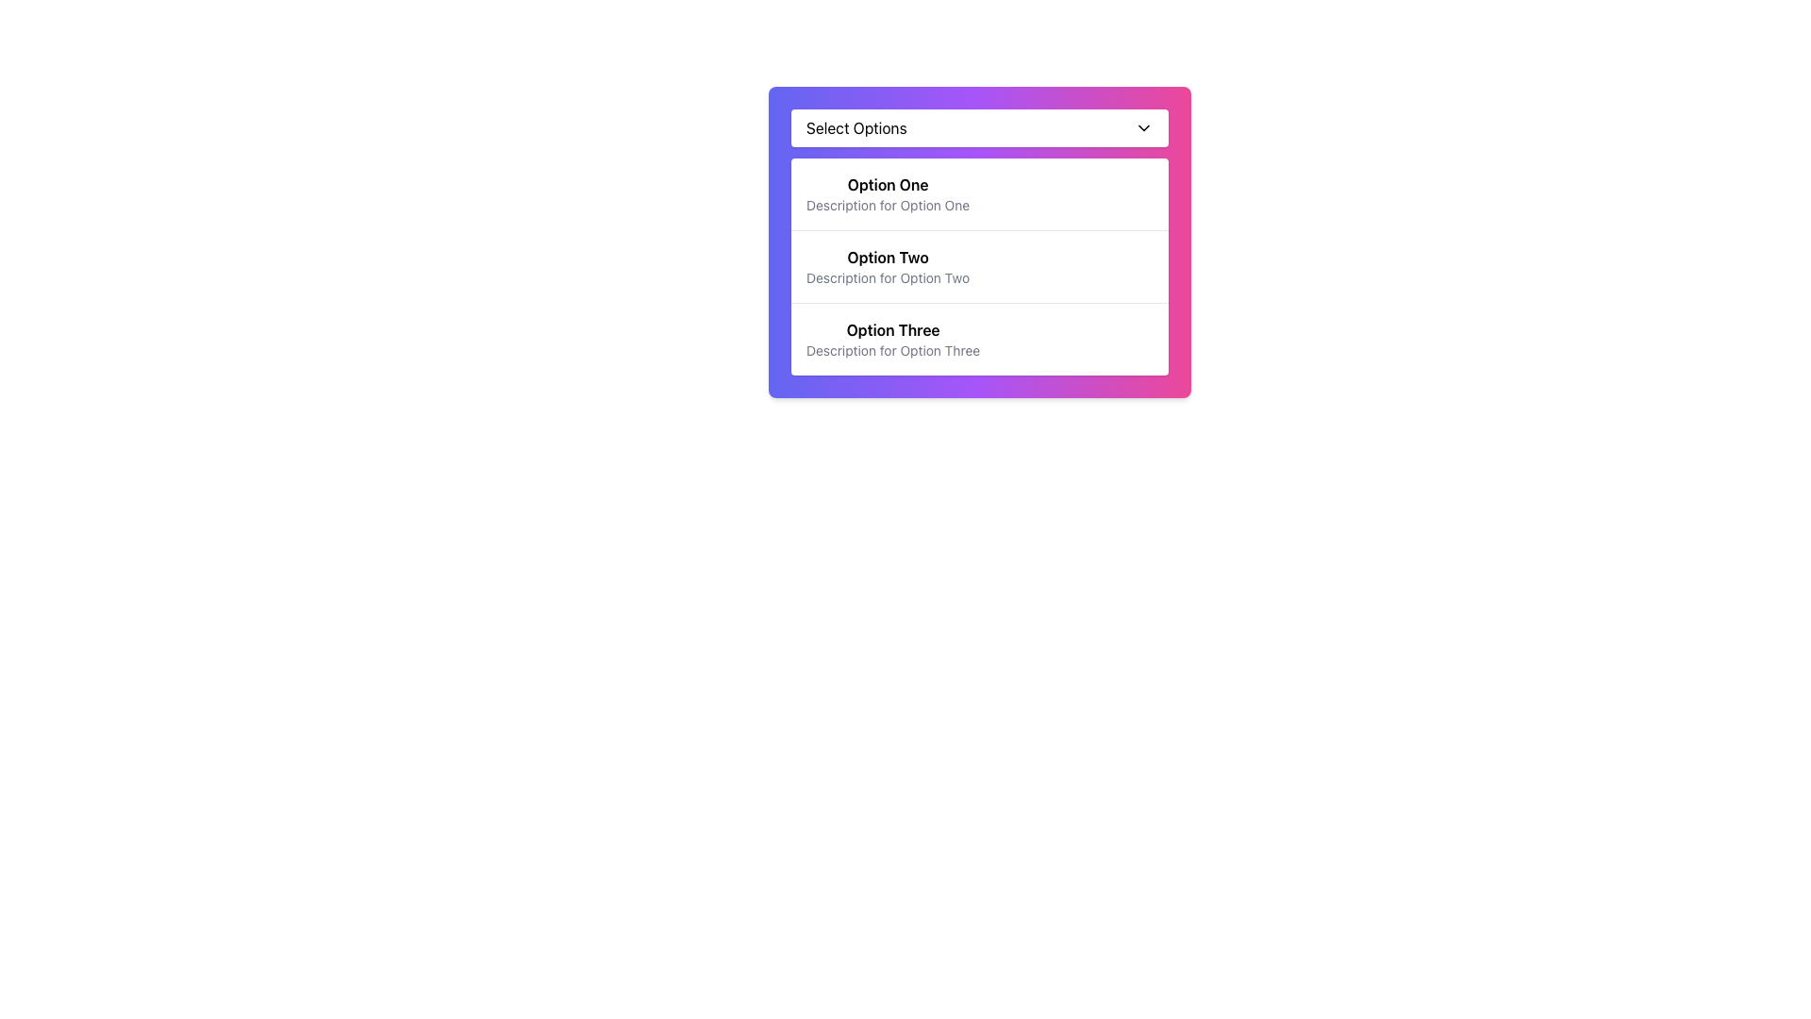  Describe the element at coordinates (887, 193) in the screenshot. I see `the first selectable option 'Option One' in the dropdown menu located below the header 'Select Options'` at that location.